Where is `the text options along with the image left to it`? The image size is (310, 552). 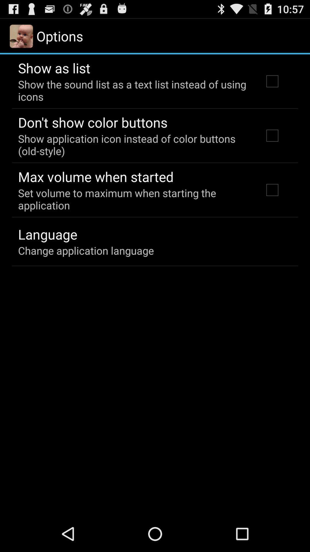
the text options along with the image left to it is located at coordinates (47, 36).